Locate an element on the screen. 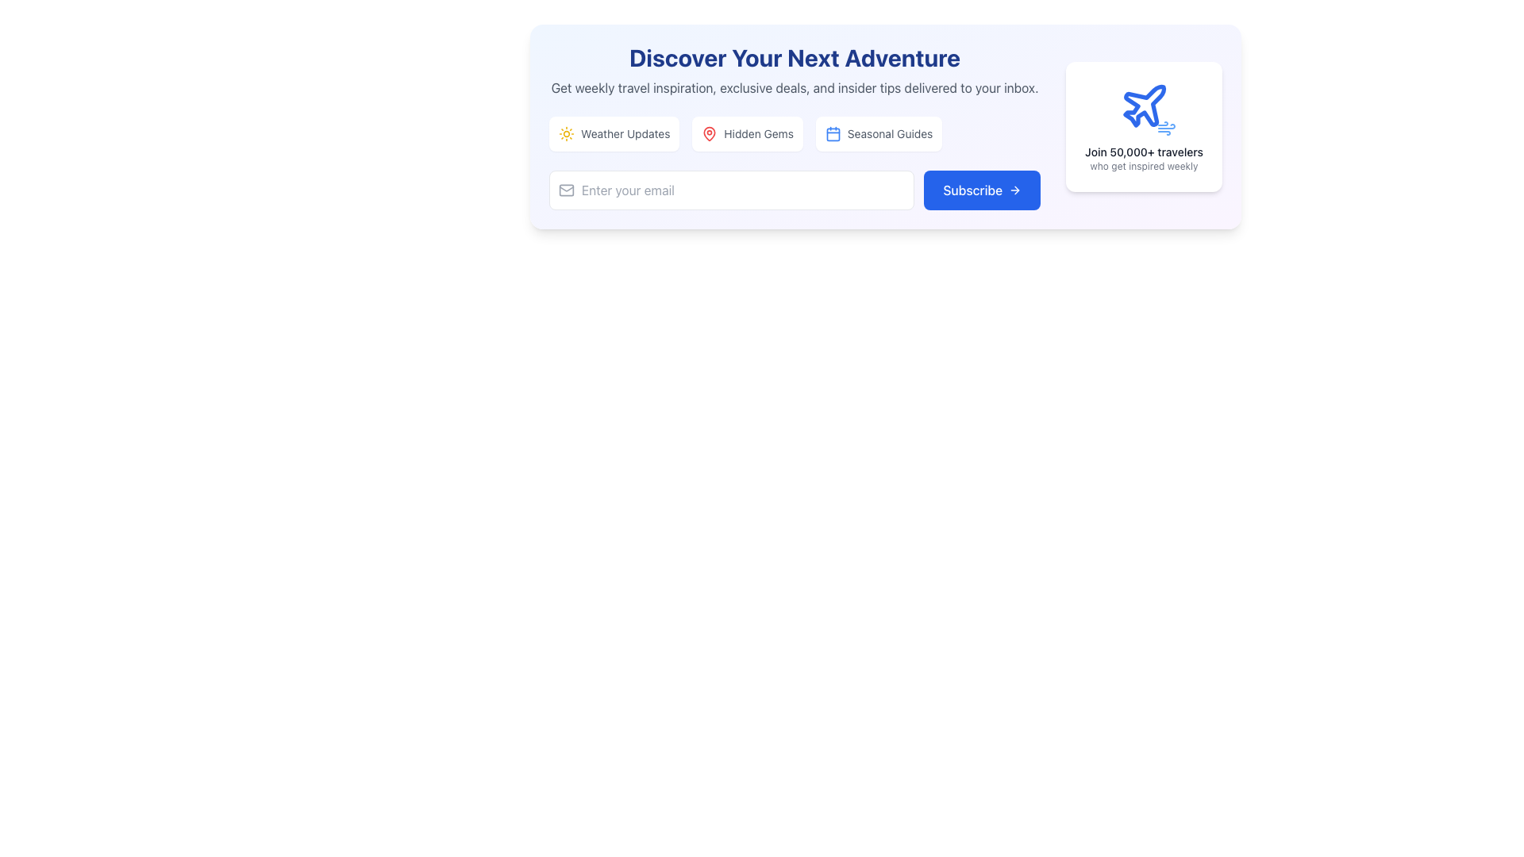 This screenshot has height=857, width=1524. the email icon located inside the left edge of the input field, which visually signifies the input's purpose as being related to email is located at coordinates (567, 189).